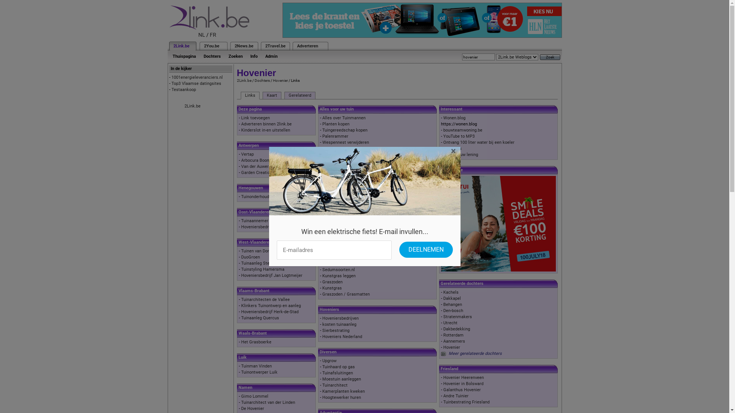  What do you see at coordinates (254, 56) in the screenshot?
I see `'Info'` at bounding box center [254, 56].